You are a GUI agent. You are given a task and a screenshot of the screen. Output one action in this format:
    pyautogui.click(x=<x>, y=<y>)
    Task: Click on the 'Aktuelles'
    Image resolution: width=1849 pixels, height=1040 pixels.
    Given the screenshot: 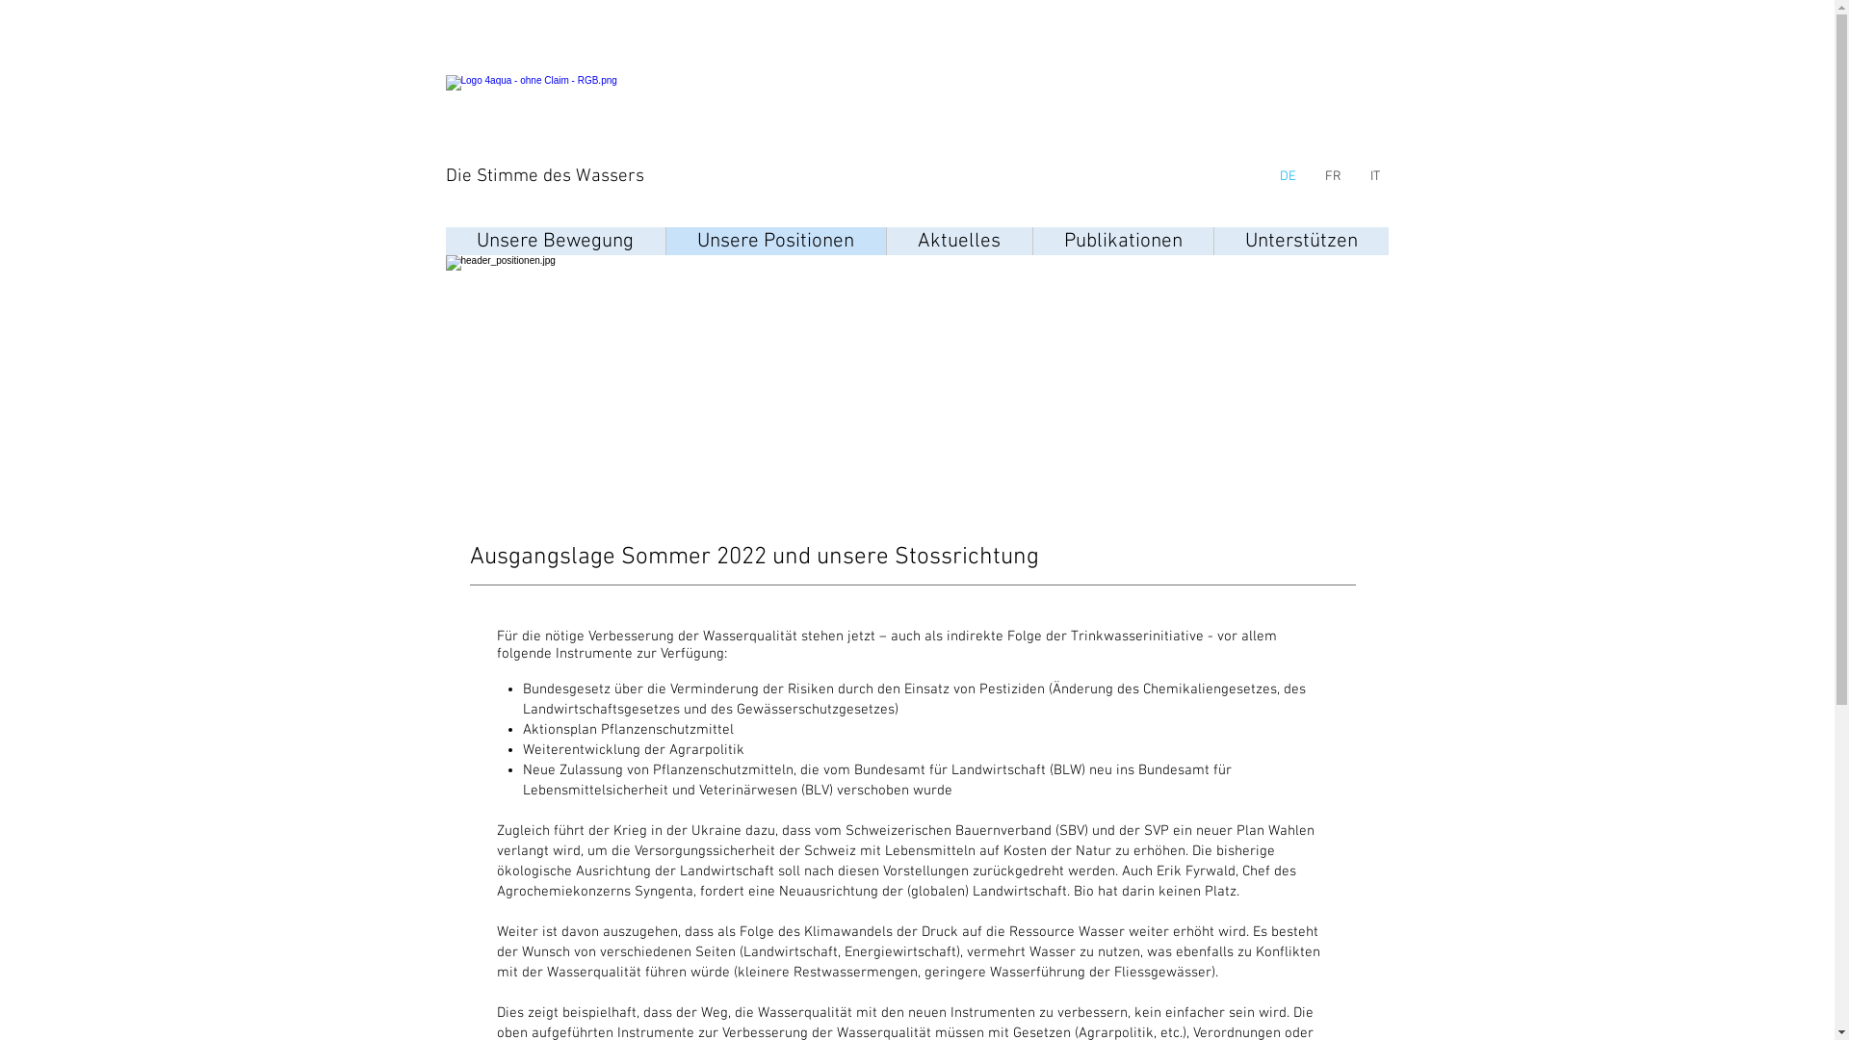 What is the action you would take?
    pyautogui.click(x=885, y=240)
    